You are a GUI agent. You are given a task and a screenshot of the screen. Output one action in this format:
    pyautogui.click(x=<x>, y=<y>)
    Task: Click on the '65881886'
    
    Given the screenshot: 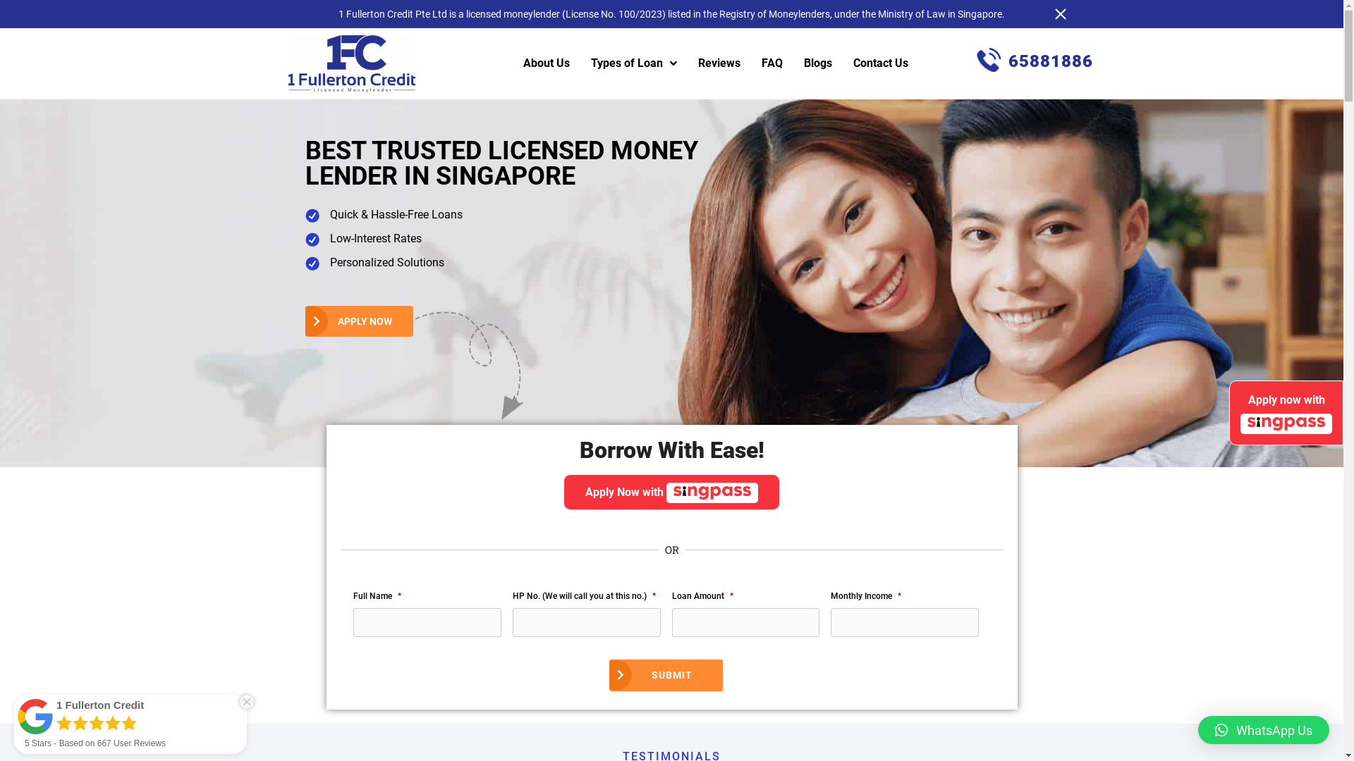 What is the action you would take?
    pyautogui.click(x=1035, y=60)
    